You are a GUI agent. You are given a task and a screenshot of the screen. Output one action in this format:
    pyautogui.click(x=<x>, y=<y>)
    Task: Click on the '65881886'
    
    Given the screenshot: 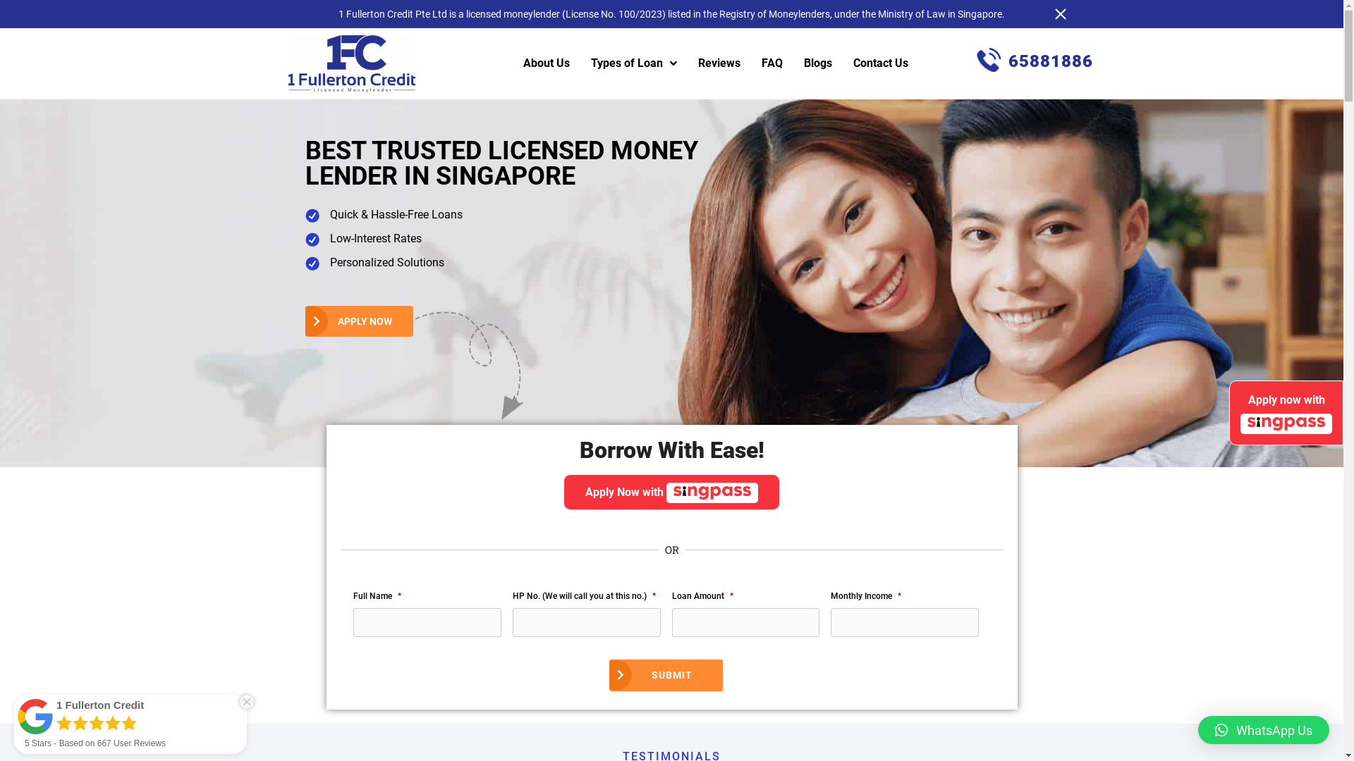 What is the action you would take?
    pyautogui.click(x=1035, y=60)
    